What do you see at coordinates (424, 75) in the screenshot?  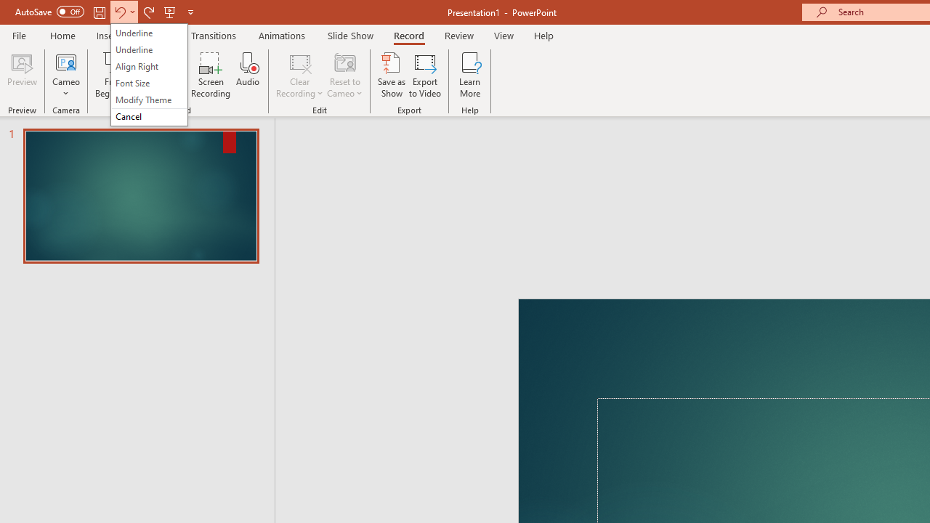 I see `'Export to Video'` at bounding box center [424, 75].